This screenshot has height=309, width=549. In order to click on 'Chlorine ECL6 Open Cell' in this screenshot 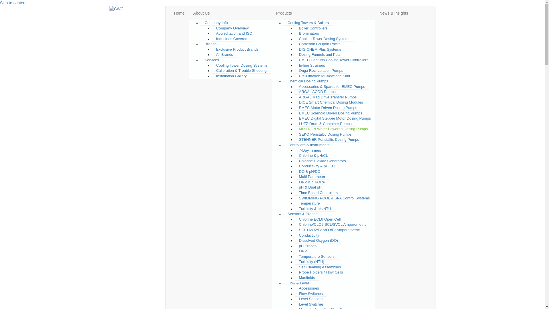, I will do `click(319, 219)`.